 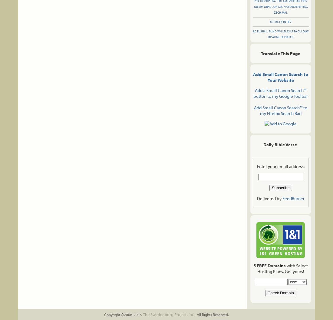 I want to click on 'MT', so click(x=272, y=22).